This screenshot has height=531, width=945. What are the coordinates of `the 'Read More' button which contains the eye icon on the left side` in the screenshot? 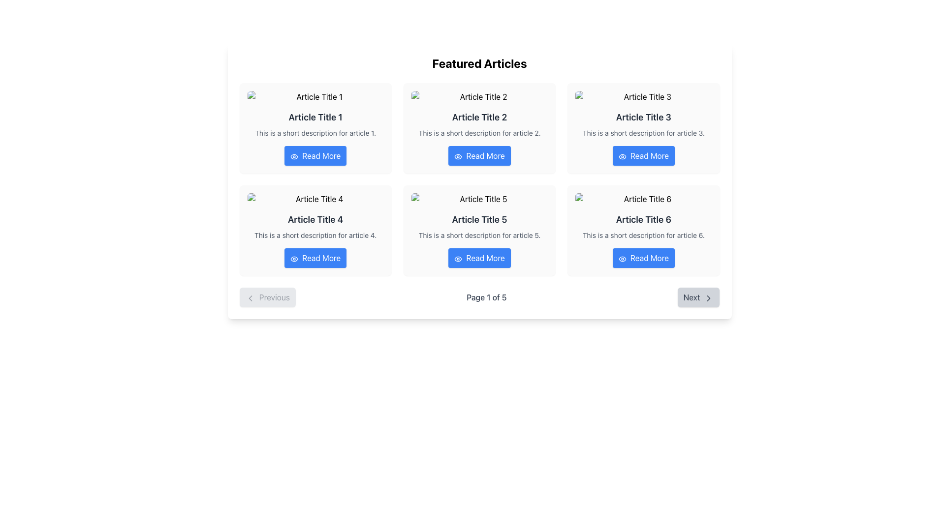 It's located at (294, 258).